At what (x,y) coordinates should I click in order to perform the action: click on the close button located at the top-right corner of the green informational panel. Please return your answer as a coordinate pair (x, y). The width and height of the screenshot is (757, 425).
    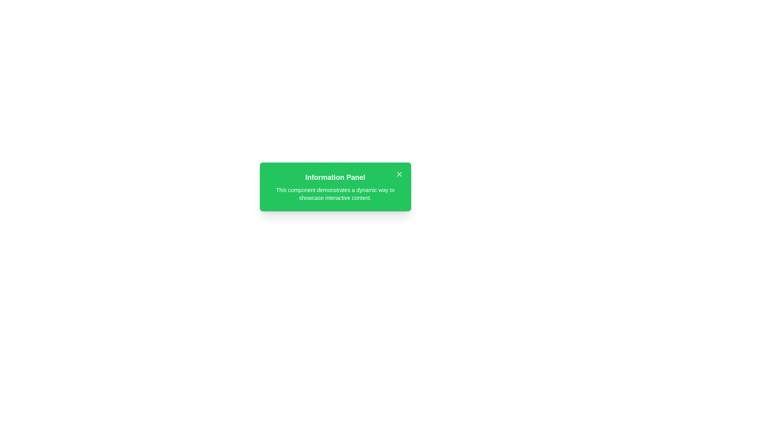
    Looking at the image, I should click on (399, 174).